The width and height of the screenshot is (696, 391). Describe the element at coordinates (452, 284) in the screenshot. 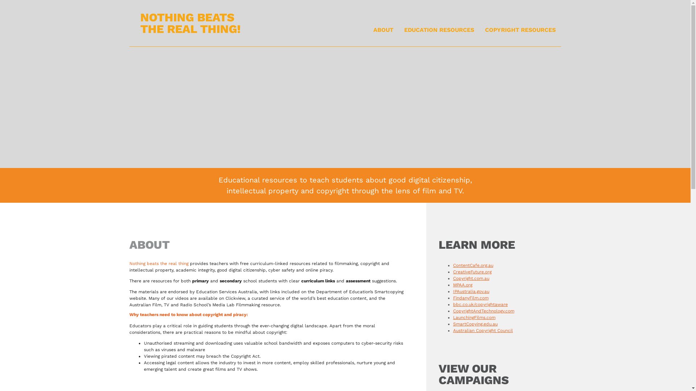

I see `'MPAA.org'` at that location.